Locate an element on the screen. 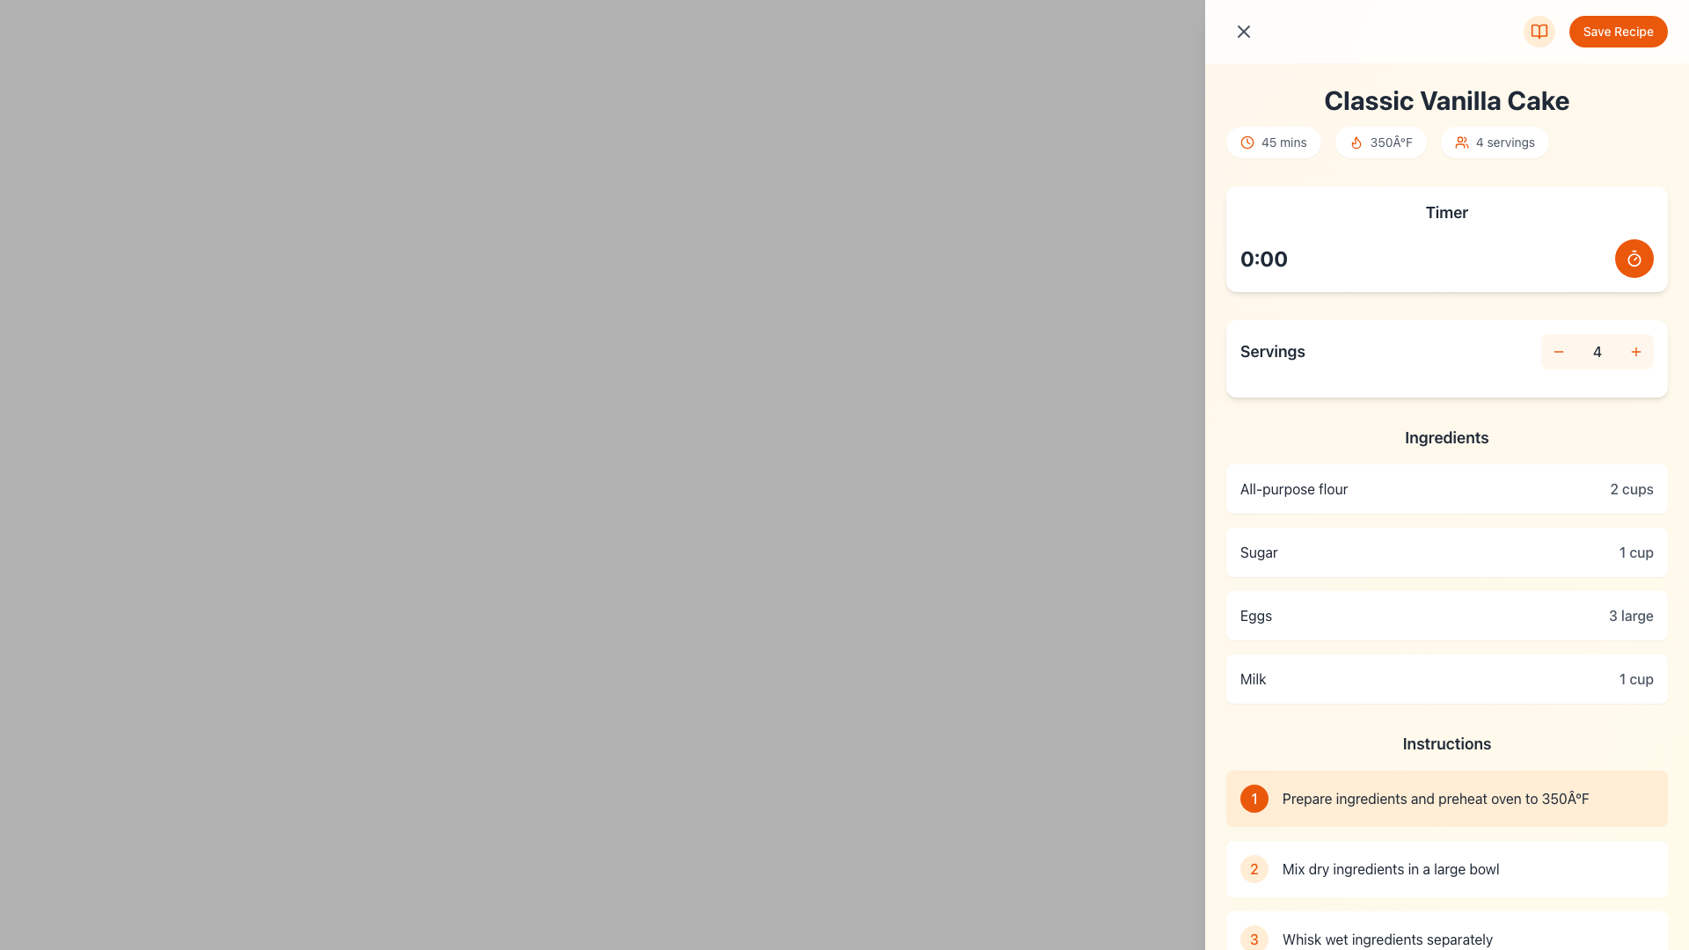 The width and height of the screenshot is (1689, 950). the static text display that shows the current number of servings, which is located between the minus and plus buttons in the 'Servings' section is located at coordinates (1597, 352).